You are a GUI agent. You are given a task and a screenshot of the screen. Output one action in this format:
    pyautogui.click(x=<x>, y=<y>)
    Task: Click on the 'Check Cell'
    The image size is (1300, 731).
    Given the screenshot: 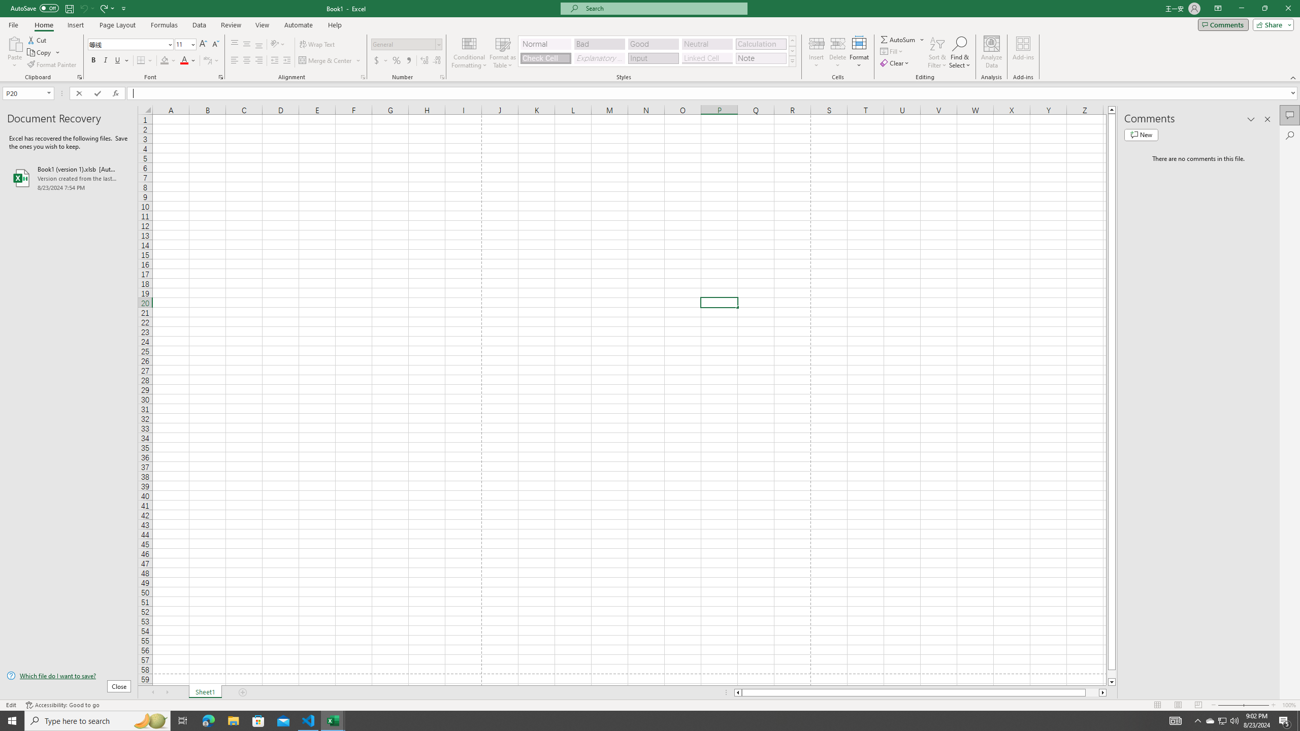 What is the action you would take?
    pyautogui.click(x=546, y=58)
    